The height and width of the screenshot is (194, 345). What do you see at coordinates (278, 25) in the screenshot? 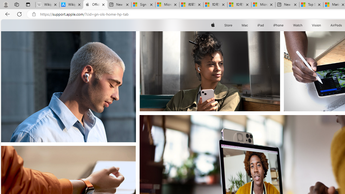
I see `'iPhone'` at bounding box center [278, 25].